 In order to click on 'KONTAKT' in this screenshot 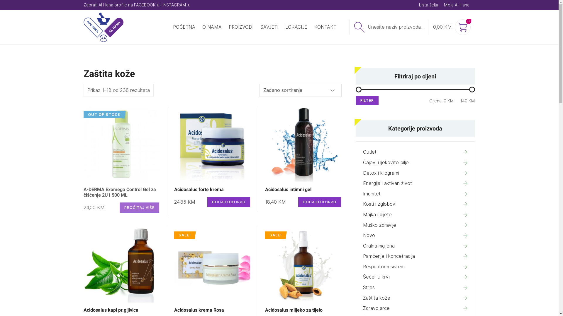, I will do `click(325, 27)`.